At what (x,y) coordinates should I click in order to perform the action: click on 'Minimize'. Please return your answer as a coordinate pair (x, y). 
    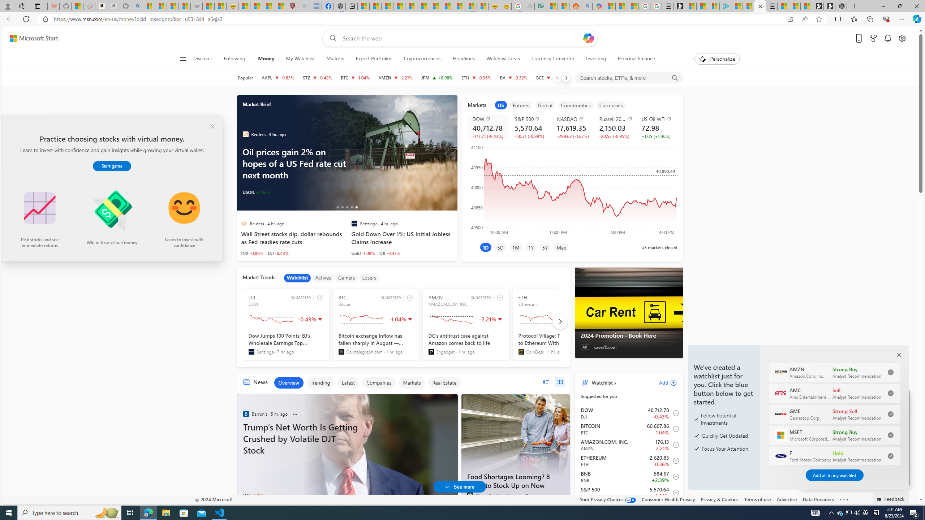
    Looking at the image, I should click on (883, 6).